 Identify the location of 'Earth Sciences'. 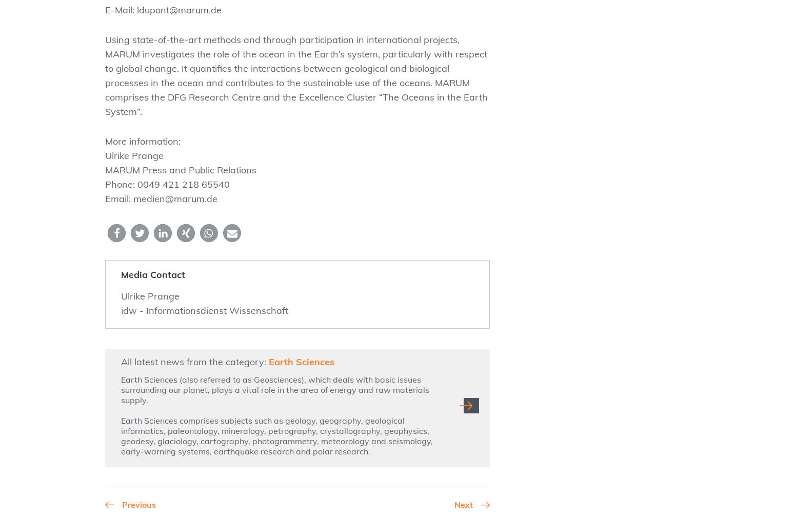
(302, 362).